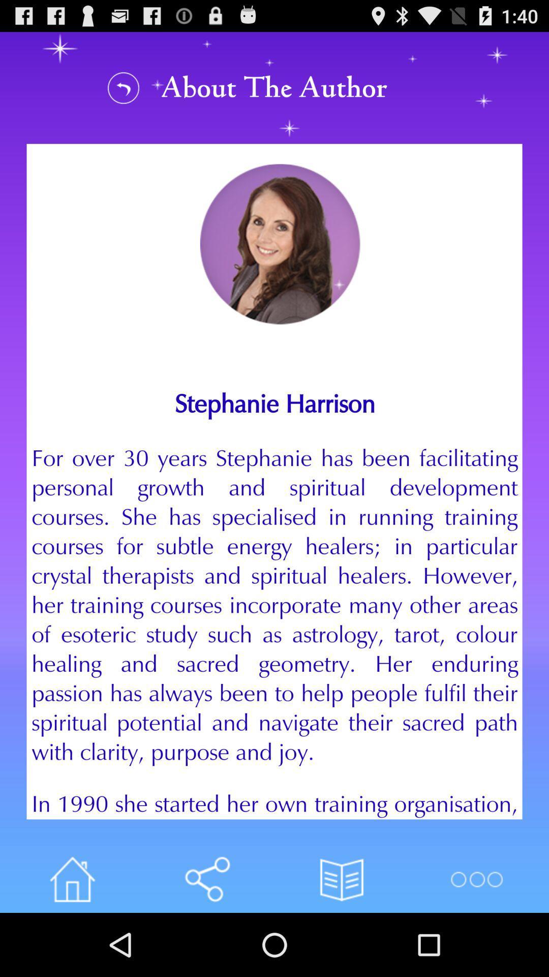 The width and height of the screenshot is (549, 977). What do you see at coordinates (206, 879) in the screenshot?
I see `share option` at bounding box center [206, 879].